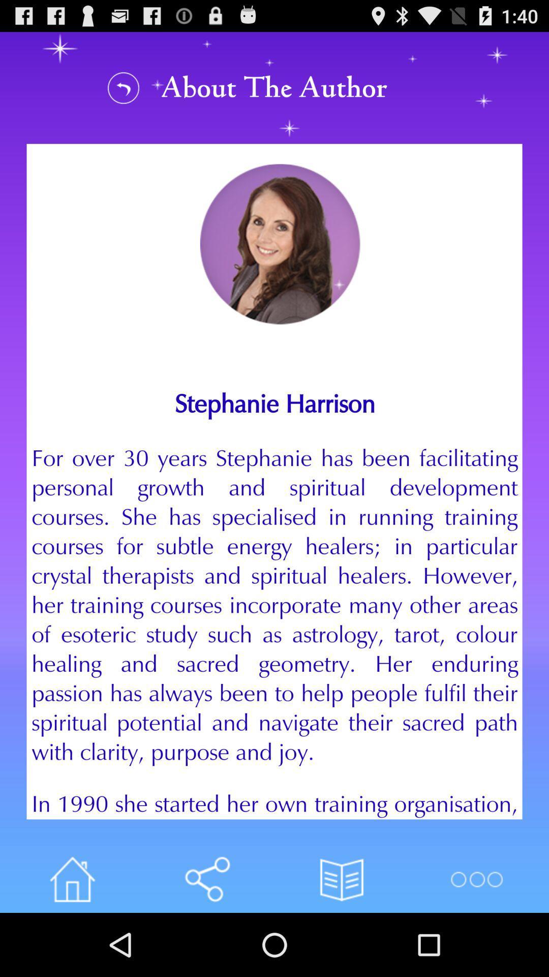 The width and height of the screenshot is (549, 977). What do you see at coordinates (206, 879) in the screenshot?
I see `share option` at bounding box center [206, 879].